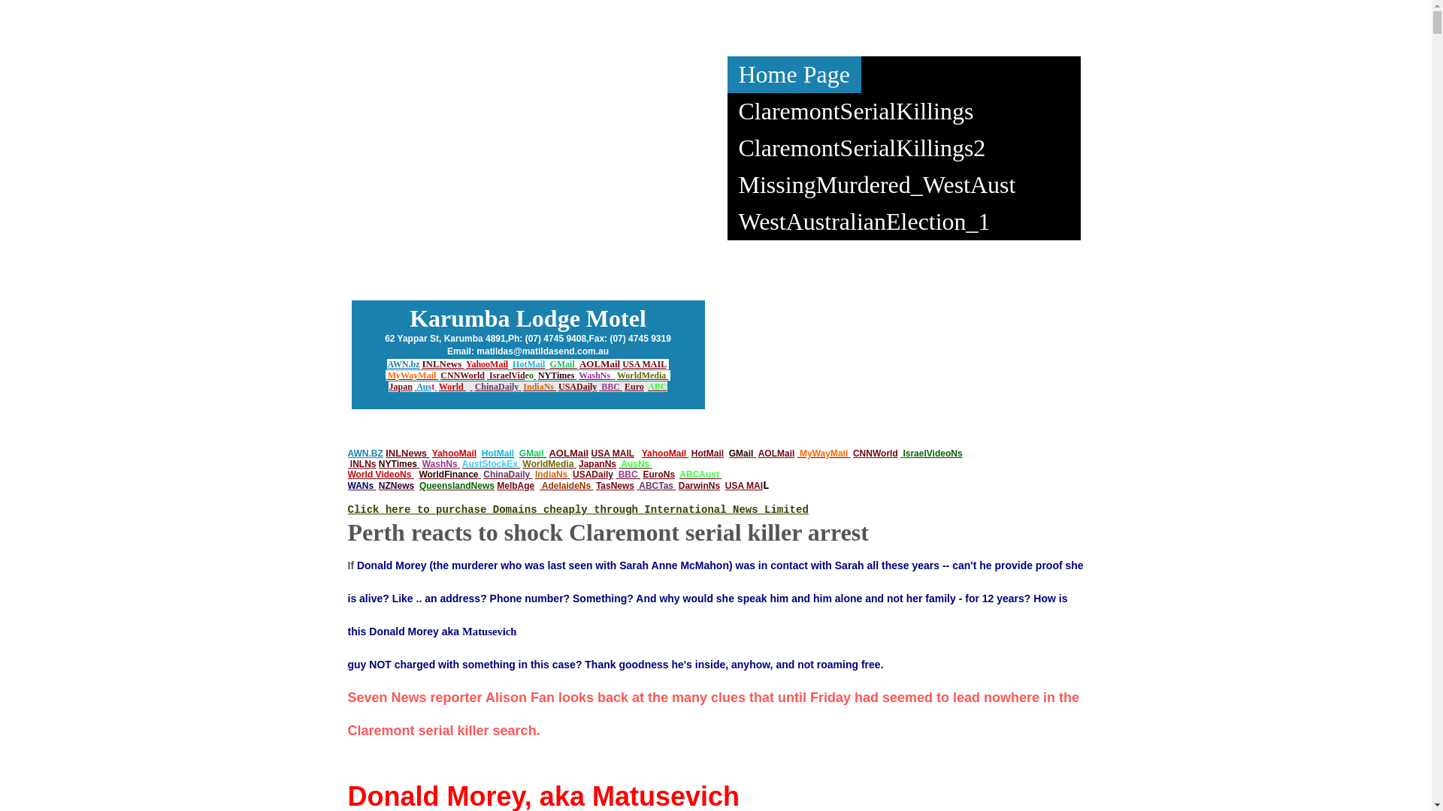  I want to click on ' ', so click(464, 386).